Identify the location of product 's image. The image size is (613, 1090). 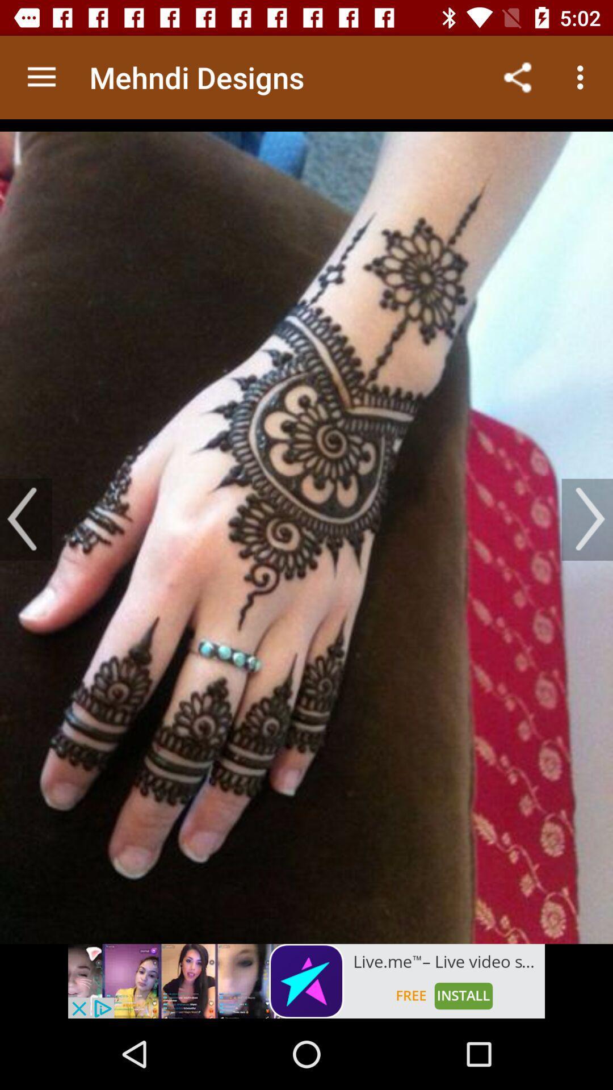
(306, 531).